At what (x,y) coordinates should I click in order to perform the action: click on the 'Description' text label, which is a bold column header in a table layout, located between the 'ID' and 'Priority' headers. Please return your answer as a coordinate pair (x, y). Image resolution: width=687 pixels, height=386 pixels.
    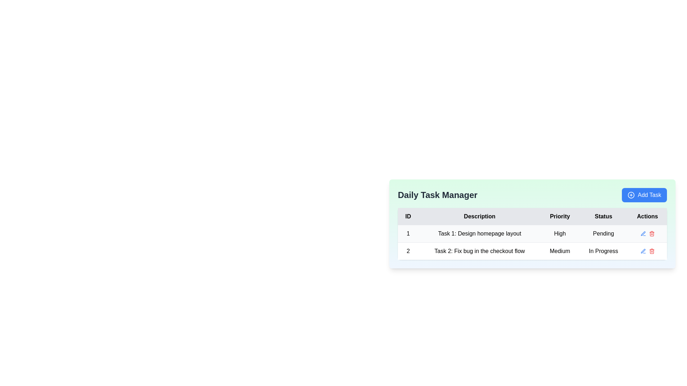
    Looking at the image, I should click on (479, 216).